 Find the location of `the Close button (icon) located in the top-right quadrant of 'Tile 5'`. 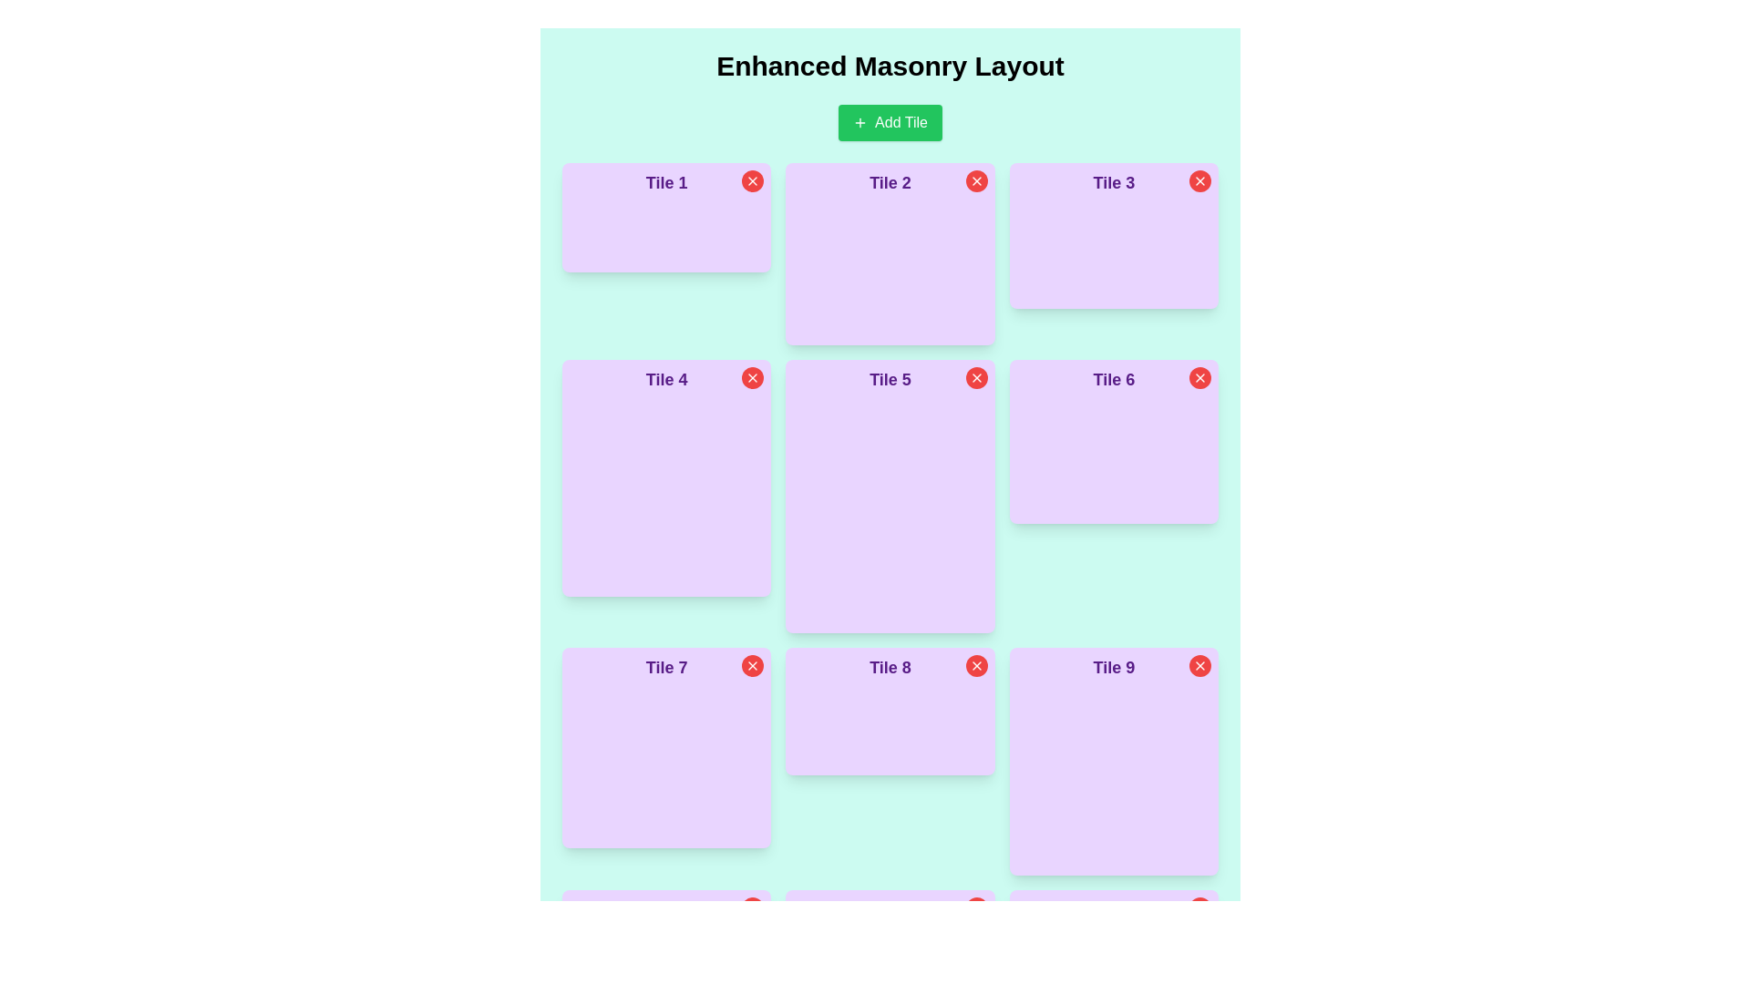

the Close button (icon) located in the top-right quadrant of 'Tile 5' is located at coordinates (975, 377).